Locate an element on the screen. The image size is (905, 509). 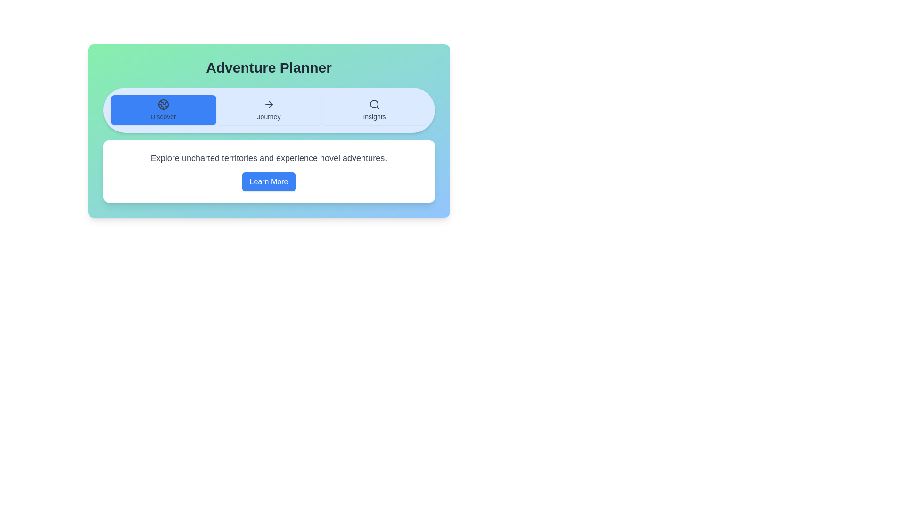
the blue 'Discover' button with a globe icon is located at coordinates (163, 110).